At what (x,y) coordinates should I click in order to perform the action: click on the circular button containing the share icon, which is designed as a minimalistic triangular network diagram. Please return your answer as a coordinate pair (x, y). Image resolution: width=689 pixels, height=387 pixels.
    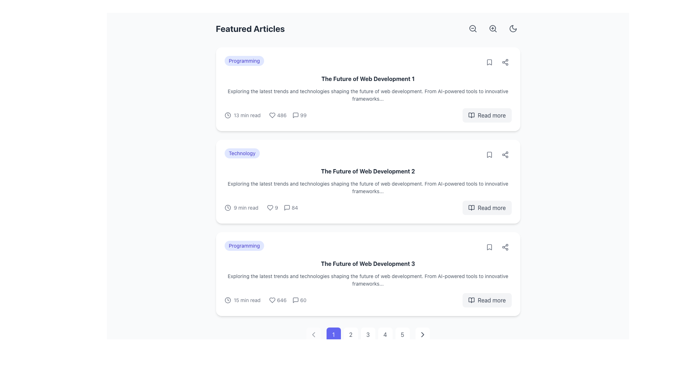
    Looking at the image, I should click on (505, 247).